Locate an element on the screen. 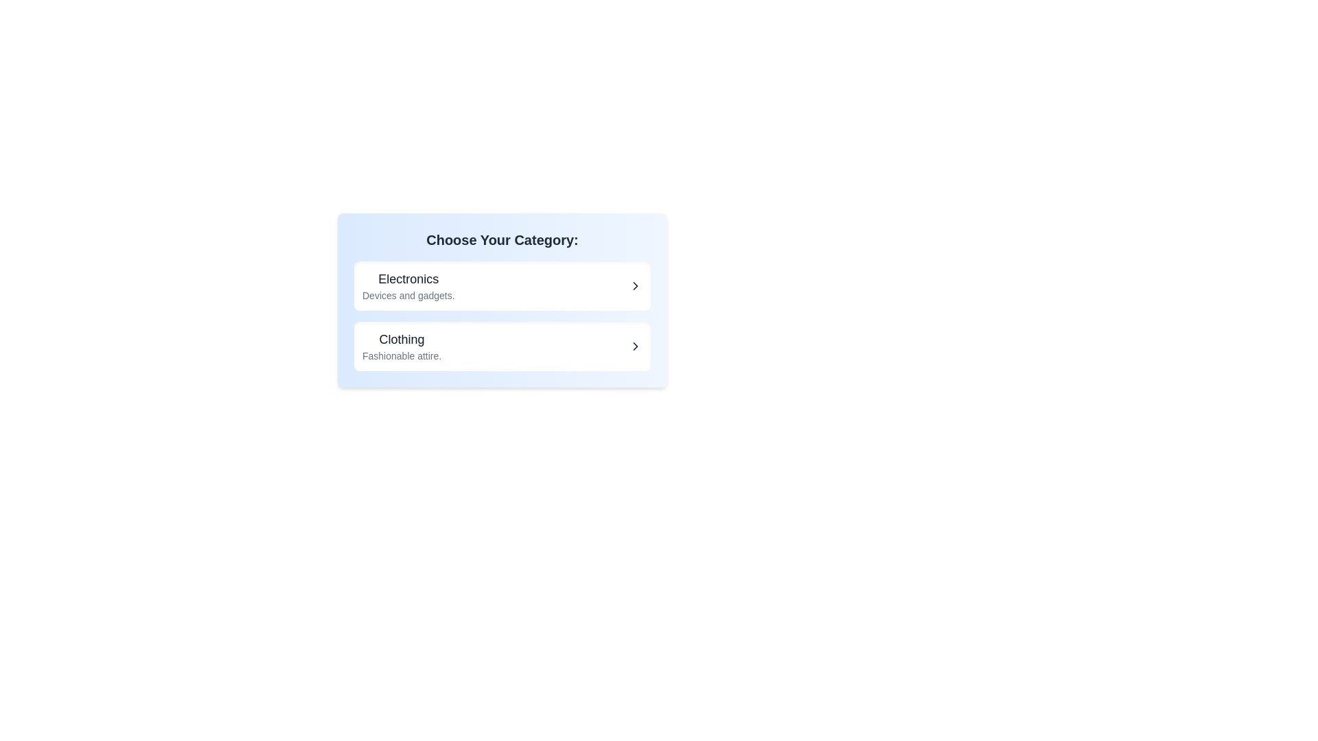 The height and width of the screenshot is (741, 1318). the List item displaying 'Clothing' with the description 'Fashionable attire.' located under the 'Choose Your Category' menu is located at coordinates (401, 346).